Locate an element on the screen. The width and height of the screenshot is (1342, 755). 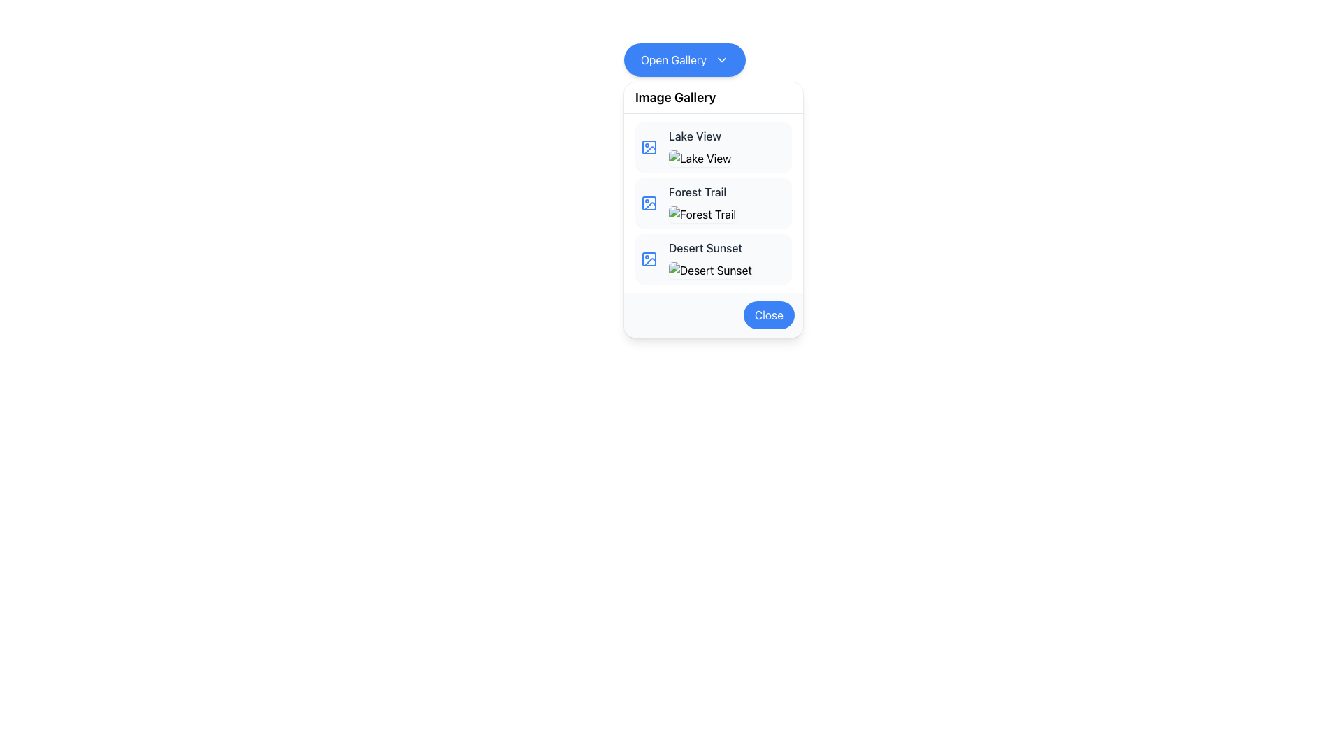
the second list item in the dropdown below the 'Open Gallery' button, which contains an icon, image, and text representation of an entry is located at coordinates (713, 210).